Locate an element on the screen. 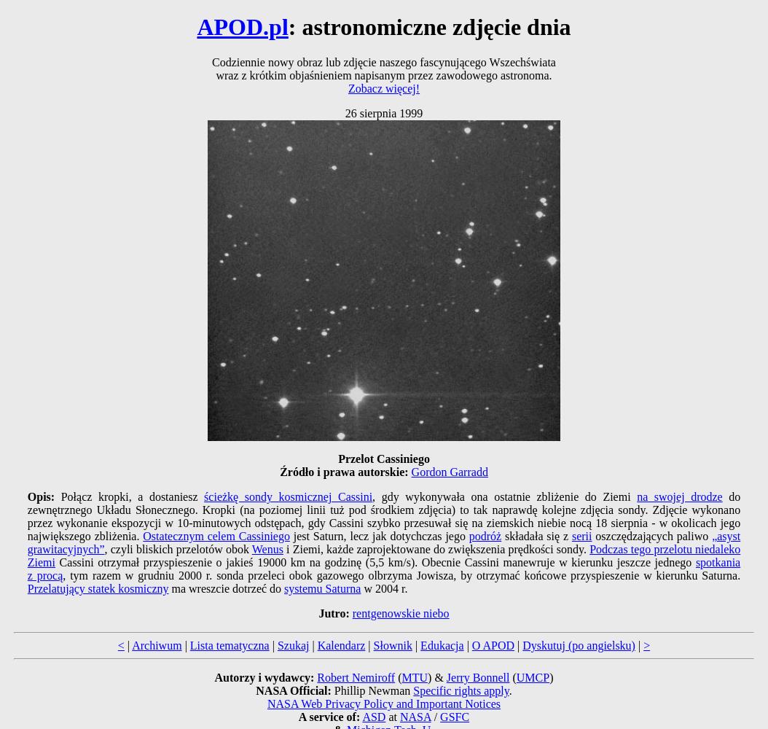 Image resolution: width=768 pixels, height=729 pixels. 'Przelatujący statek kosmiczny' is located at coordinates (97, 588).